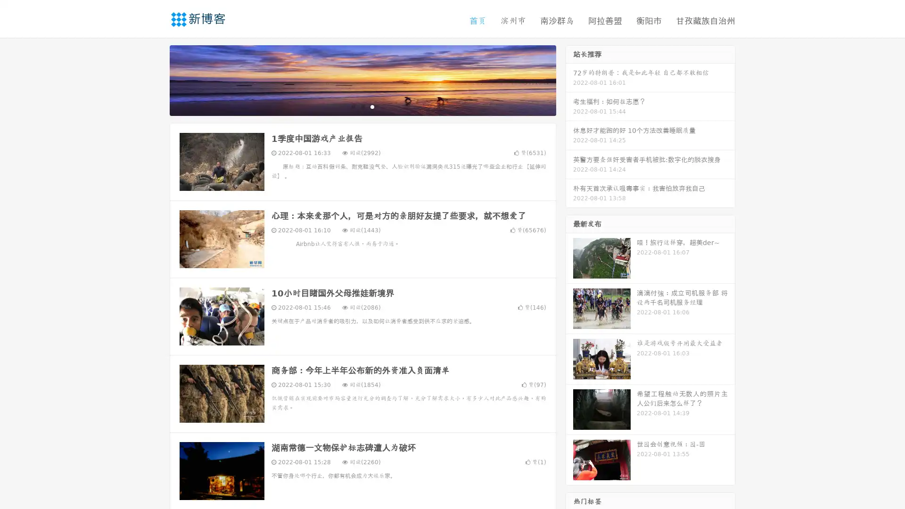  What do you see at coordinates (156, 79) in the screenshot?
I see `Previous slide` at bounding box center [156, 79].